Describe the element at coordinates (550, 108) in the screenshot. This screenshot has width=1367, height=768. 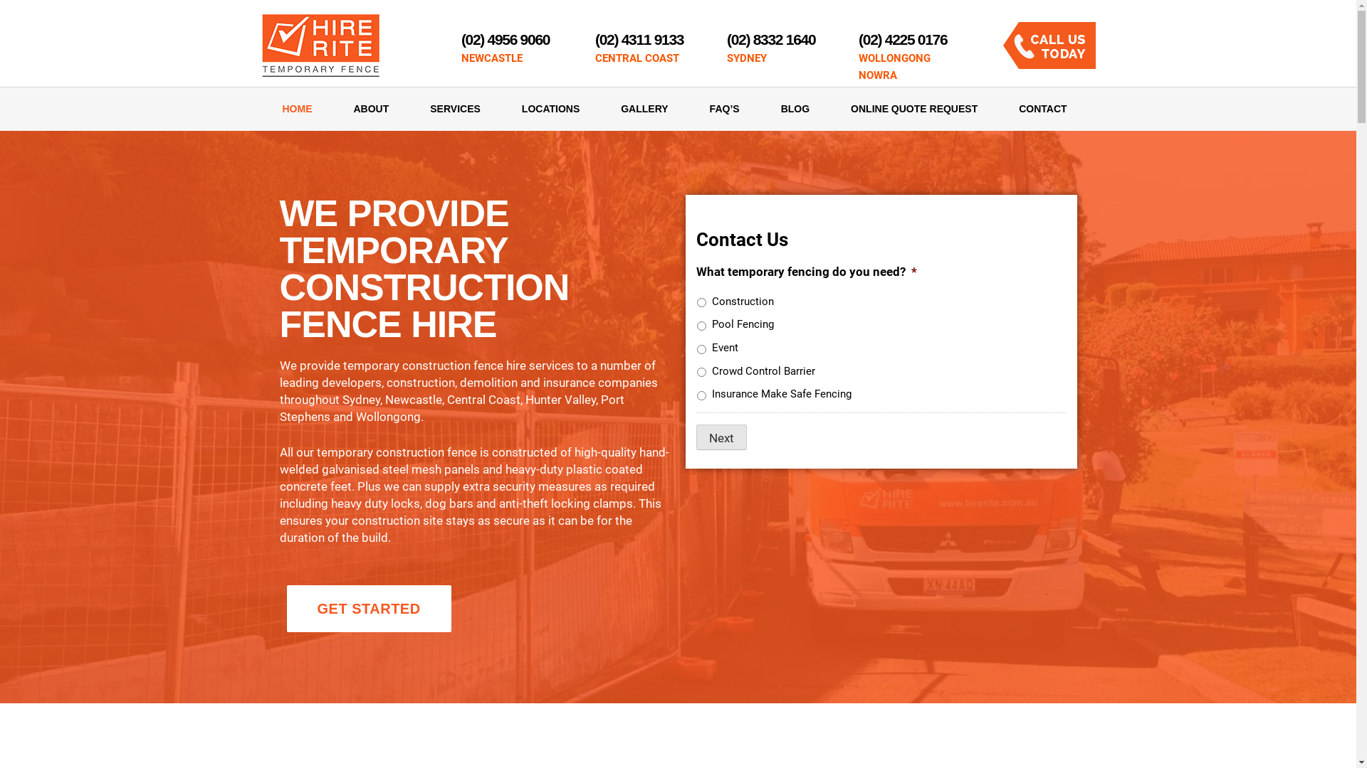
I see `'LOCATIONS'` at that location.